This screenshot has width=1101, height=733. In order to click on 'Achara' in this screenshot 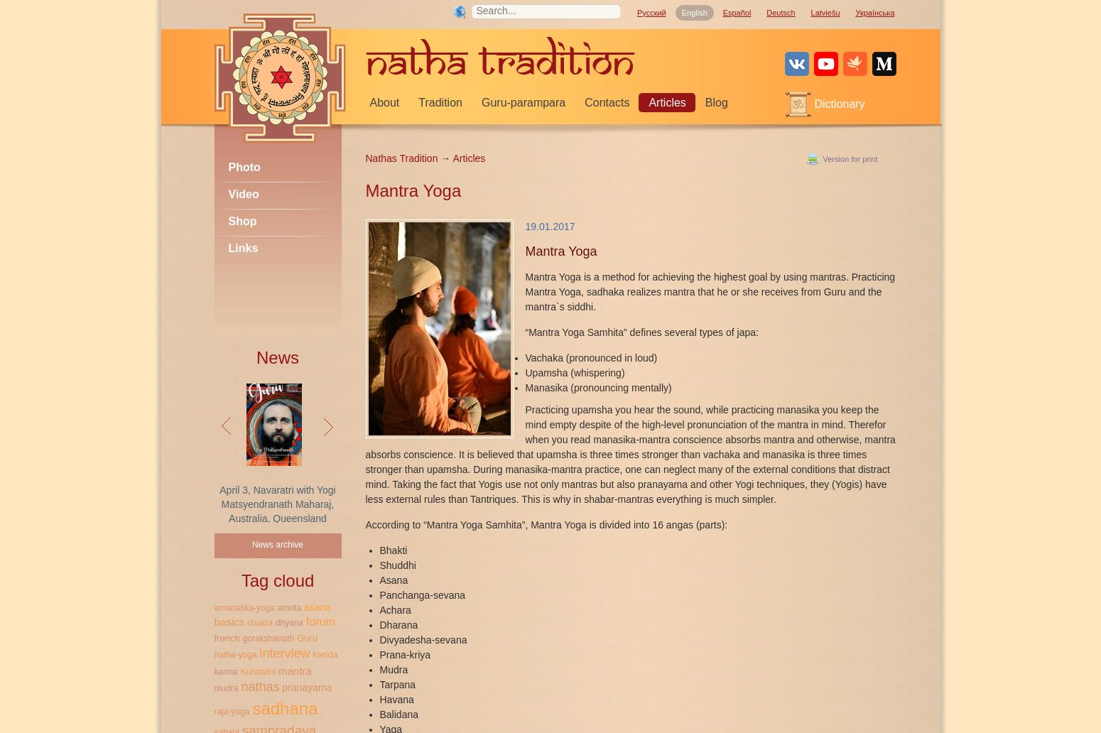, I will do `click(394, 609)`.